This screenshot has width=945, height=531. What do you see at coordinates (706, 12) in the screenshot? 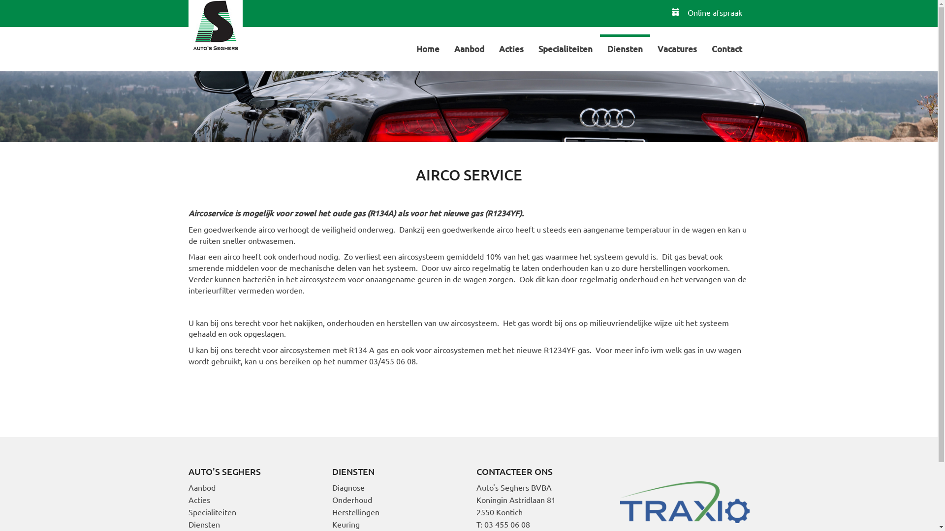
I see `' Online afspraak'` at bounding box center [706, 12].